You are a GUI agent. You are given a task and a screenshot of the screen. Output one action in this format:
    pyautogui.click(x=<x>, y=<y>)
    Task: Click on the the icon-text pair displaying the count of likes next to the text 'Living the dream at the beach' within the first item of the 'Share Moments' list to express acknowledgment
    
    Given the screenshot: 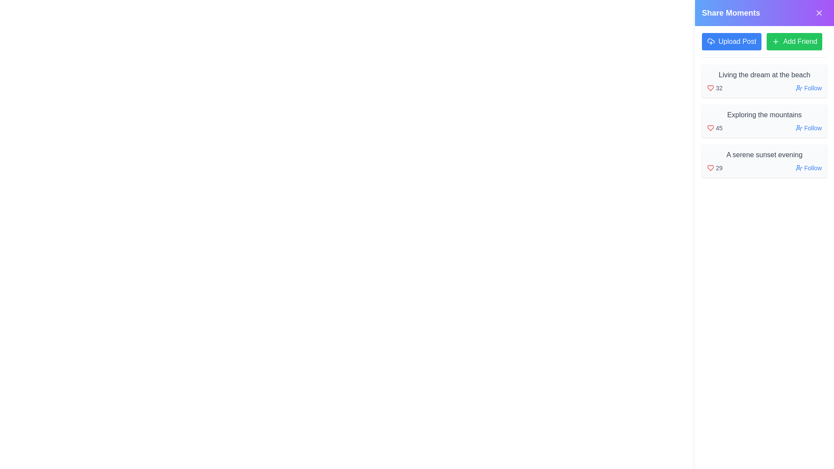 What is the action you would take?
    pyautogui.click(x=715, y=88)
    